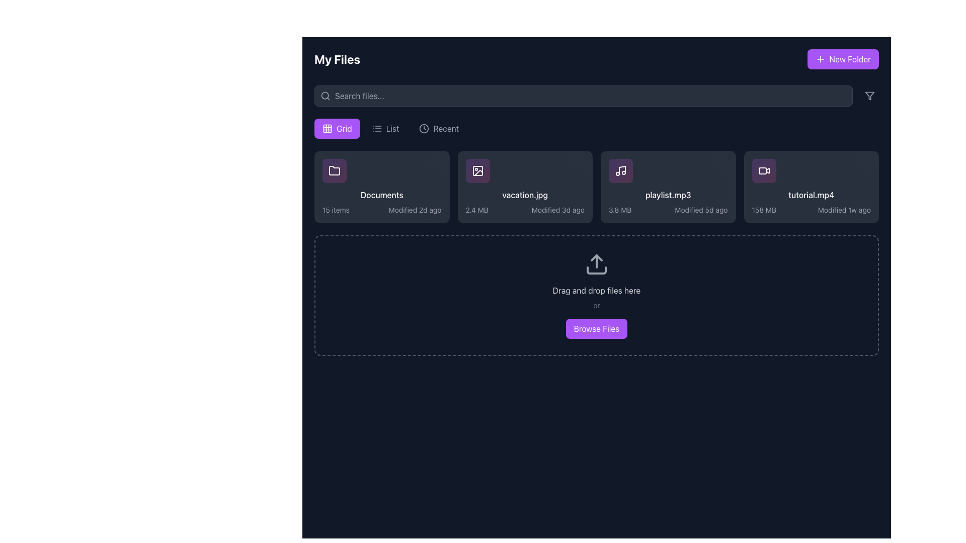 Image resolution: width=966 pixels, height=543 pixels. Describe the element at coordinates (476, 209) in the screenshot. I see `the text label displaying the file size '2.4 MB' located at the bottom-left corner of the card for the file 'vacation.jpg'` at that location.